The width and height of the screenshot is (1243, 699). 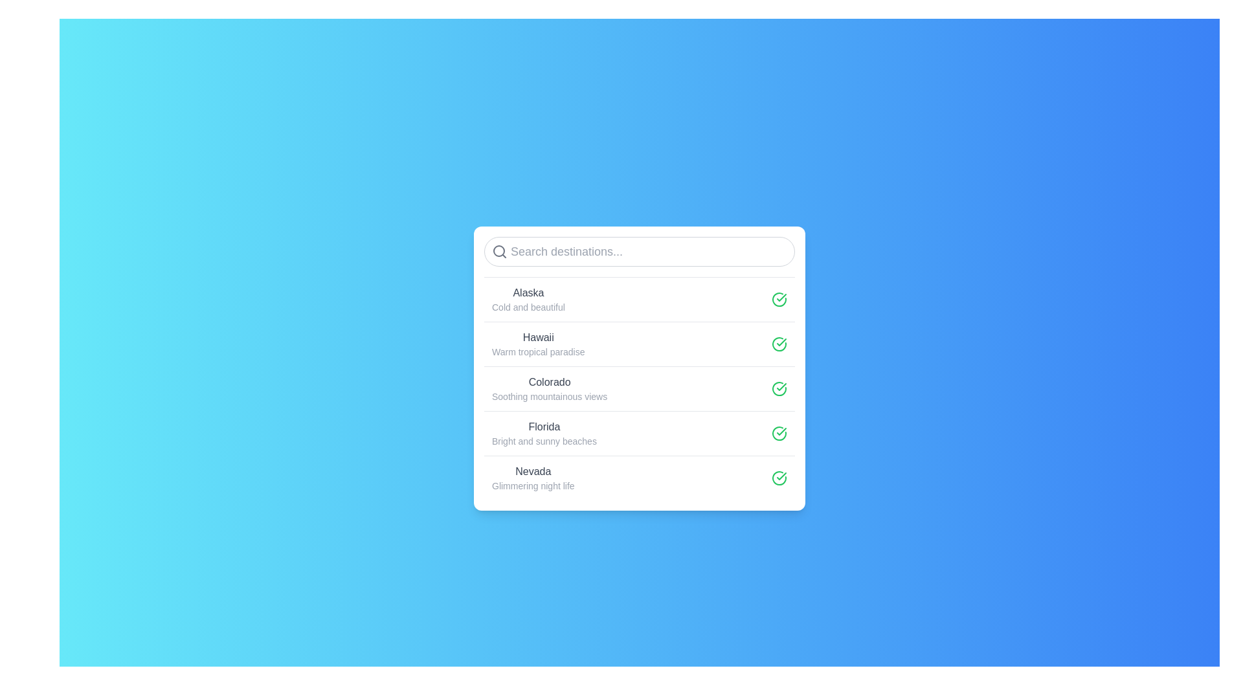 What do you see at coordinates (640, 477) in the screenshot?
I see `to select the destination item representing 'Nevada' in the list of destinations, which includes a checkmark indicating confirmation` at bounding box center [640, 477].